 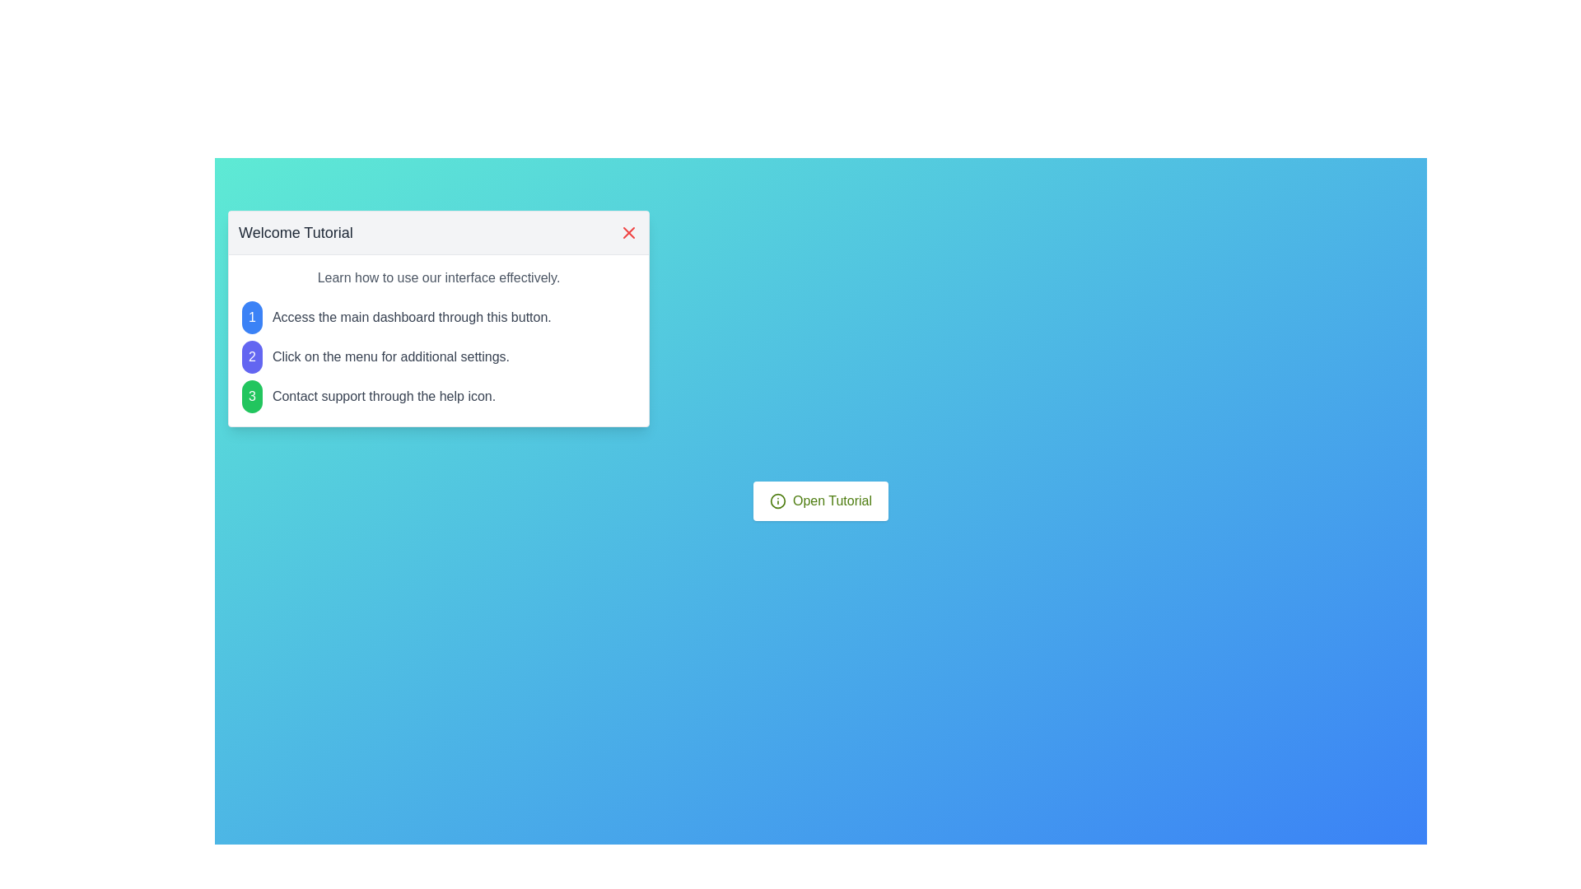 What do you see at coordinates (438, 356) in the screenshot?
I see `the text block containing numbered instructional steps in the 'Welcome Tutorial' card` at bounding box center [438, 356].